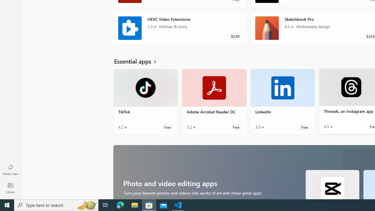 The image size is (375, 211). What do you see at coordinates (10, 169) in the screenshot?
I see `'What'` at bounding box center [10, 169].